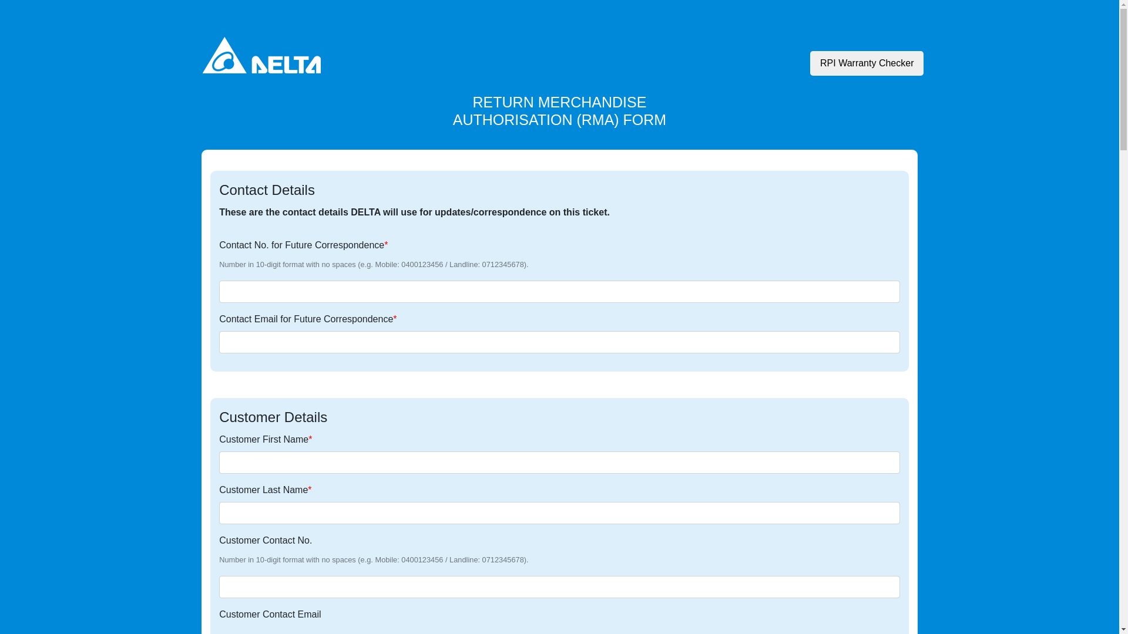  I want to click on 'RPI Warranty Checker', so click(867, 63).